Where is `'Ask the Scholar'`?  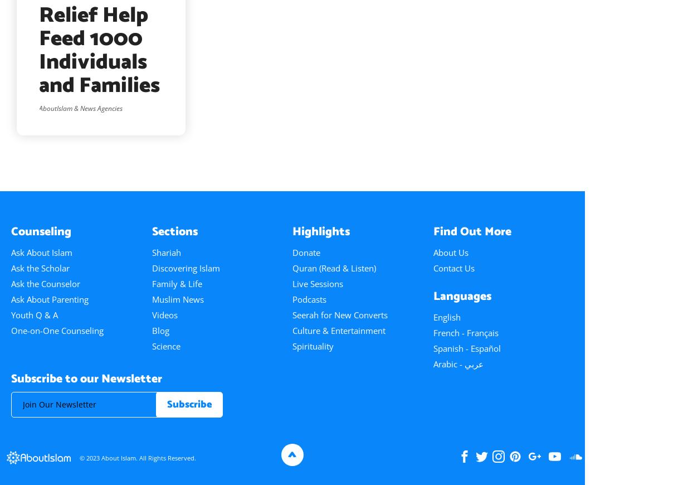
'Ask the Scholar' is located at coordinates (11, 266).